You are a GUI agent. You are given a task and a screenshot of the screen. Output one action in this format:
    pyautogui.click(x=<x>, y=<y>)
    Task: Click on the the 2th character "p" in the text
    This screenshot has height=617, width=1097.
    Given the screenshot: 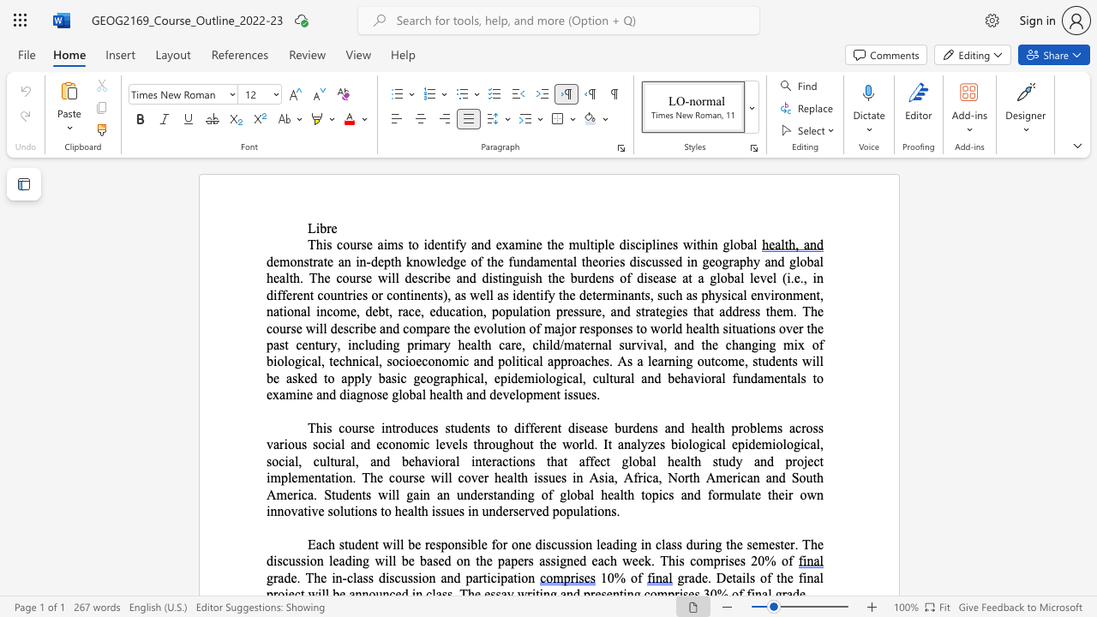 What is the action you would take?
    pyautogui.click(x=557, y=360)
    